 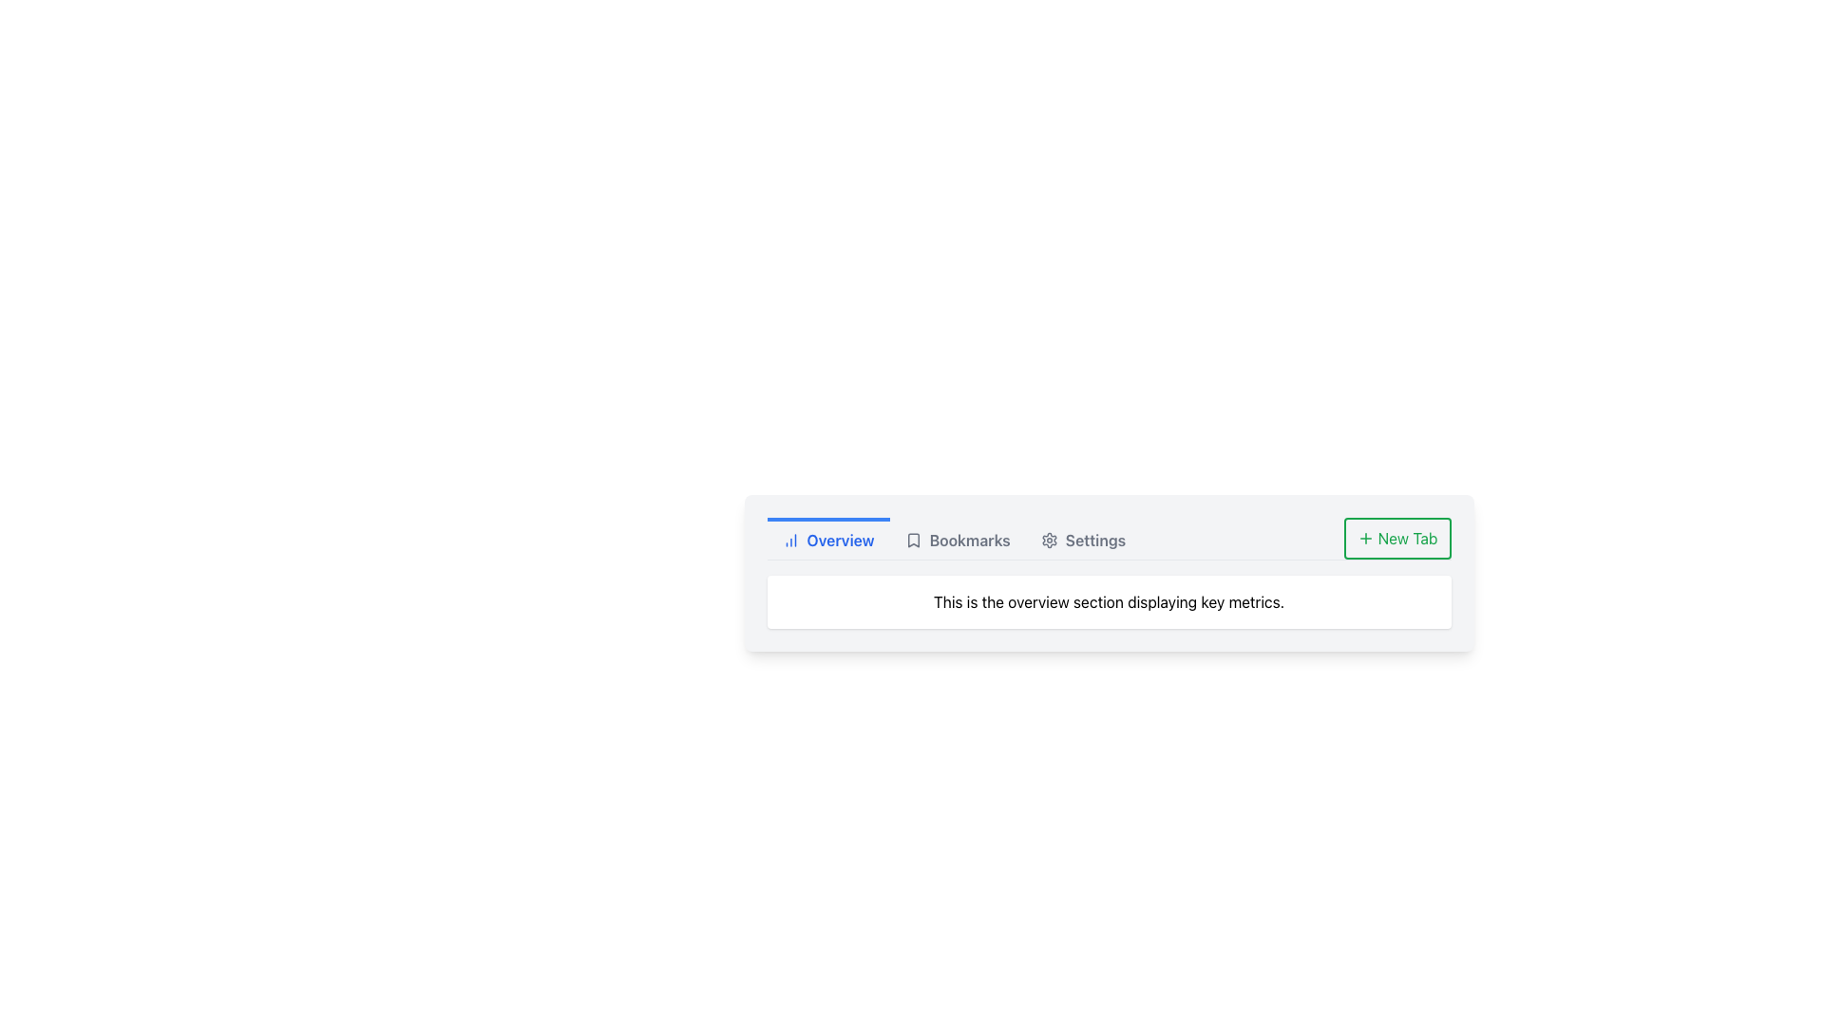 I want to click on the 'Settings' tab-like button in the horizontal navigation bar to potentially reveal a tooltip or highlight effect, so click(x=1083, y=539).